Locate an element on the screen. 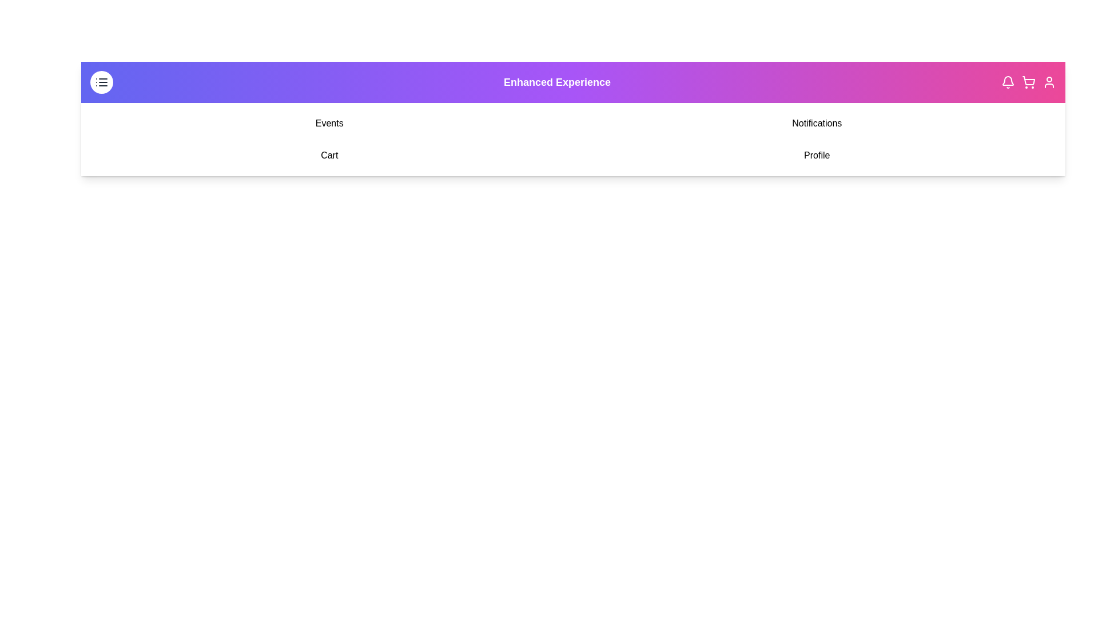 This screenshot has height=618, width=1098. the cart icon to trigger its action is located at coordinates (1029, 81).